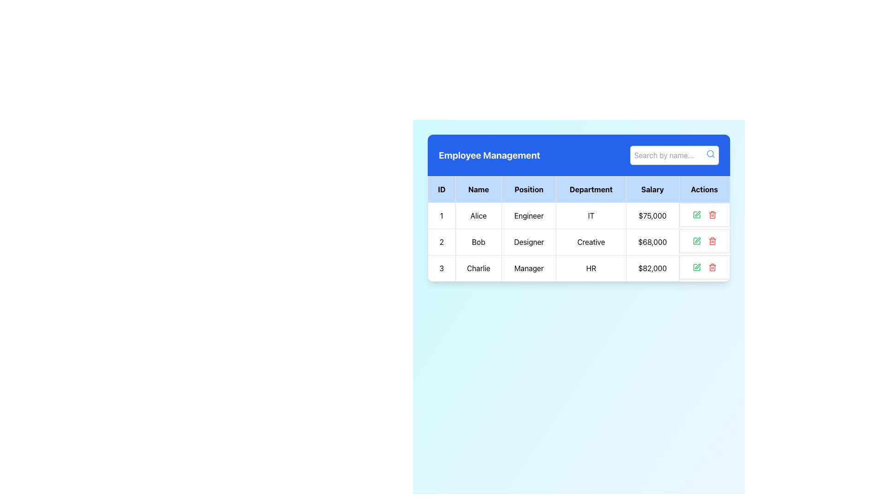  What do you see at coordinates (441, 215) in the screenshot?
I see `the TableCell displaying the number '1', which is the first cell in the first column of the table under the 'ID' column header` at bounding box center [441, 215].